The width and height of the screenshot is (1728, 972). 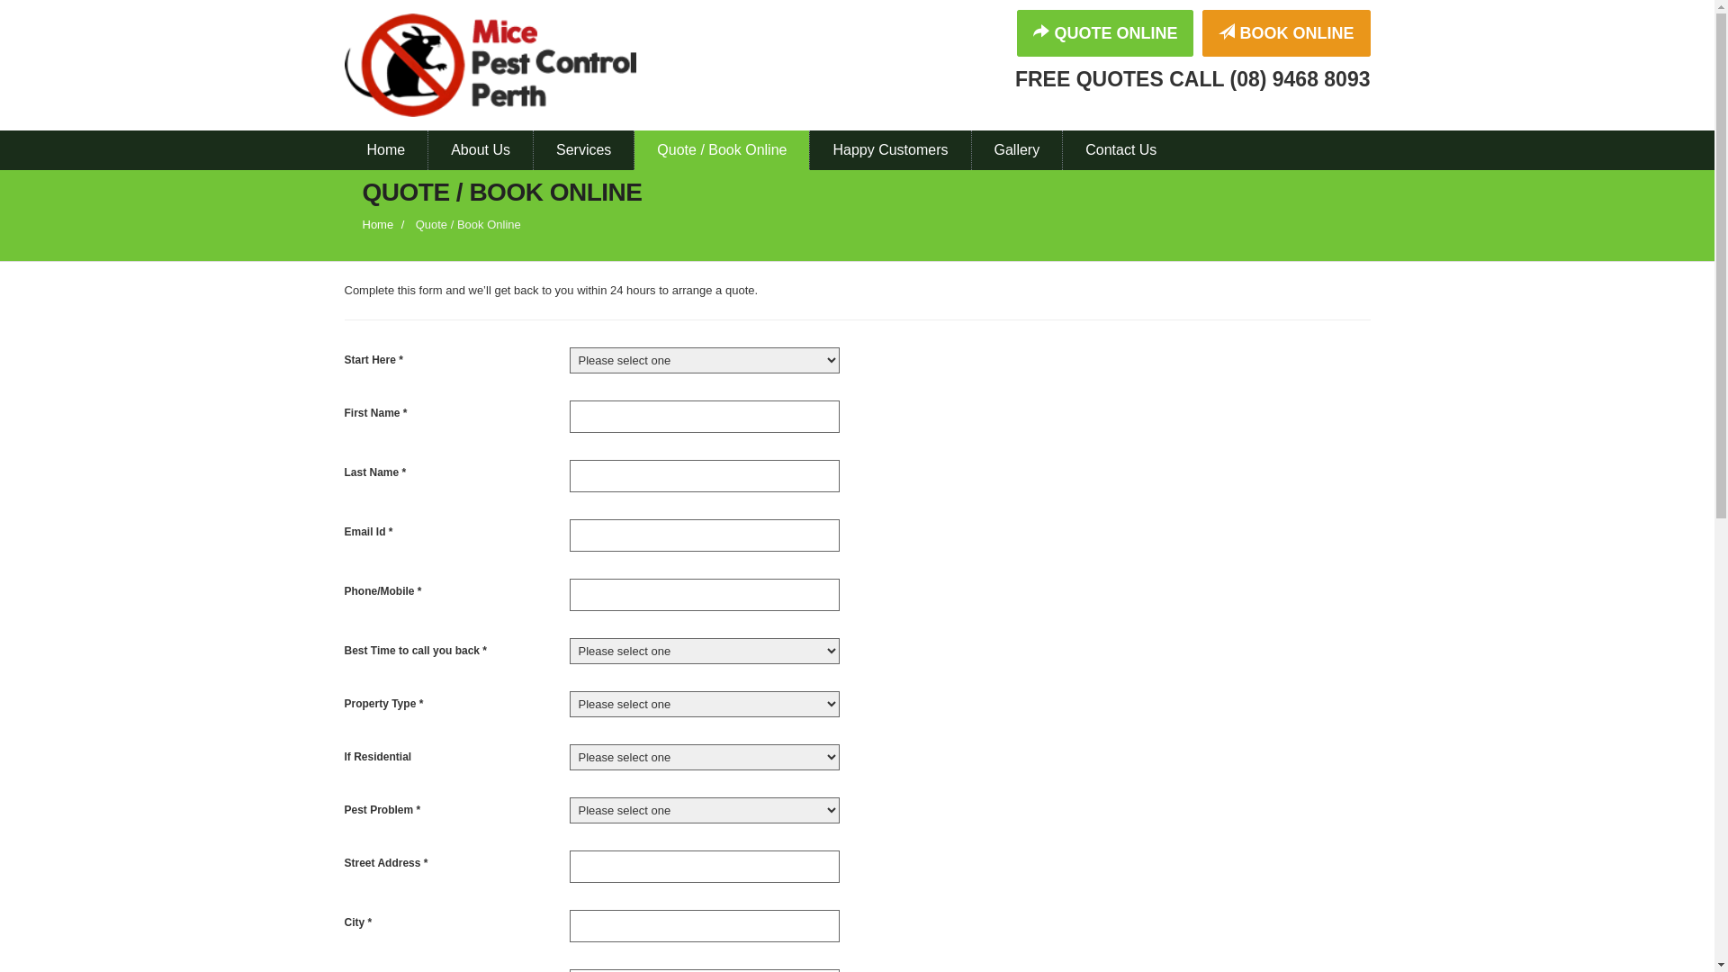 What do you see at coordinates (480, 148) in the screenshot?
I see `'About Us'` at bounding box center [480, 148].